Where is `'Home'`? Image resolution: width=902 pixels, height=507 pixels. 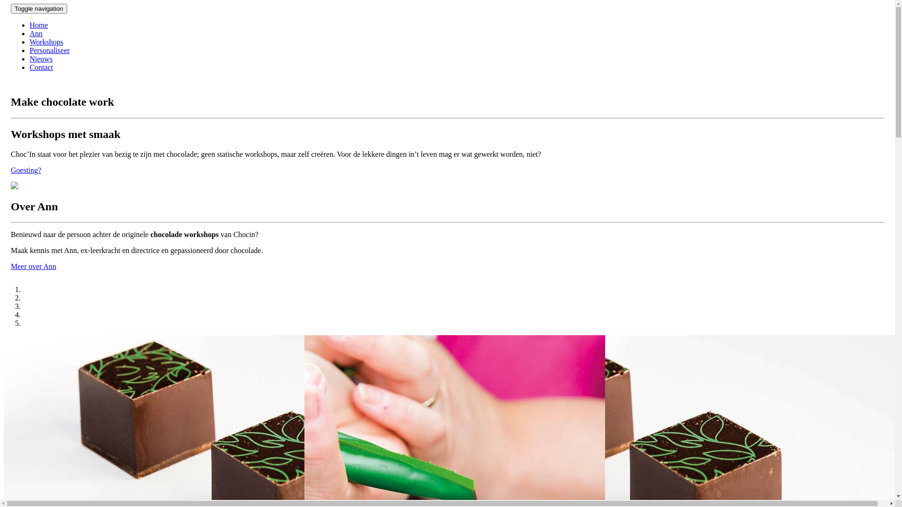
'Home' is located at coordinates (38, 24).